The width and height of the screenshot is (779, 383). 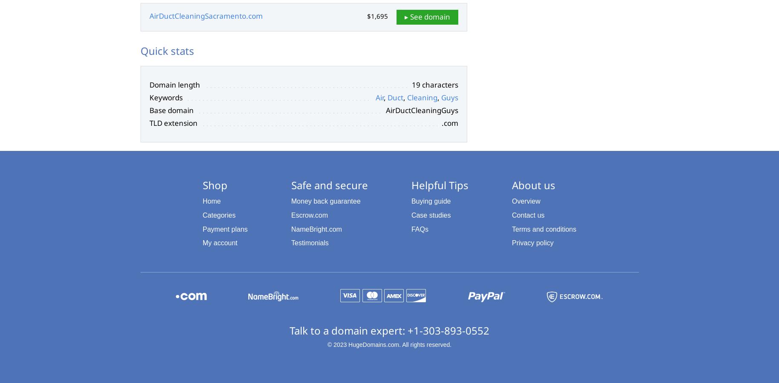 I want to click on 'Quick stats', so click(x=167, y=50).